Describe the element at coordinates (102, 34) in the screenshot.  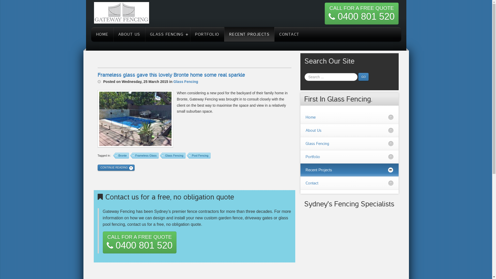
I see `'HOME'` at that location.